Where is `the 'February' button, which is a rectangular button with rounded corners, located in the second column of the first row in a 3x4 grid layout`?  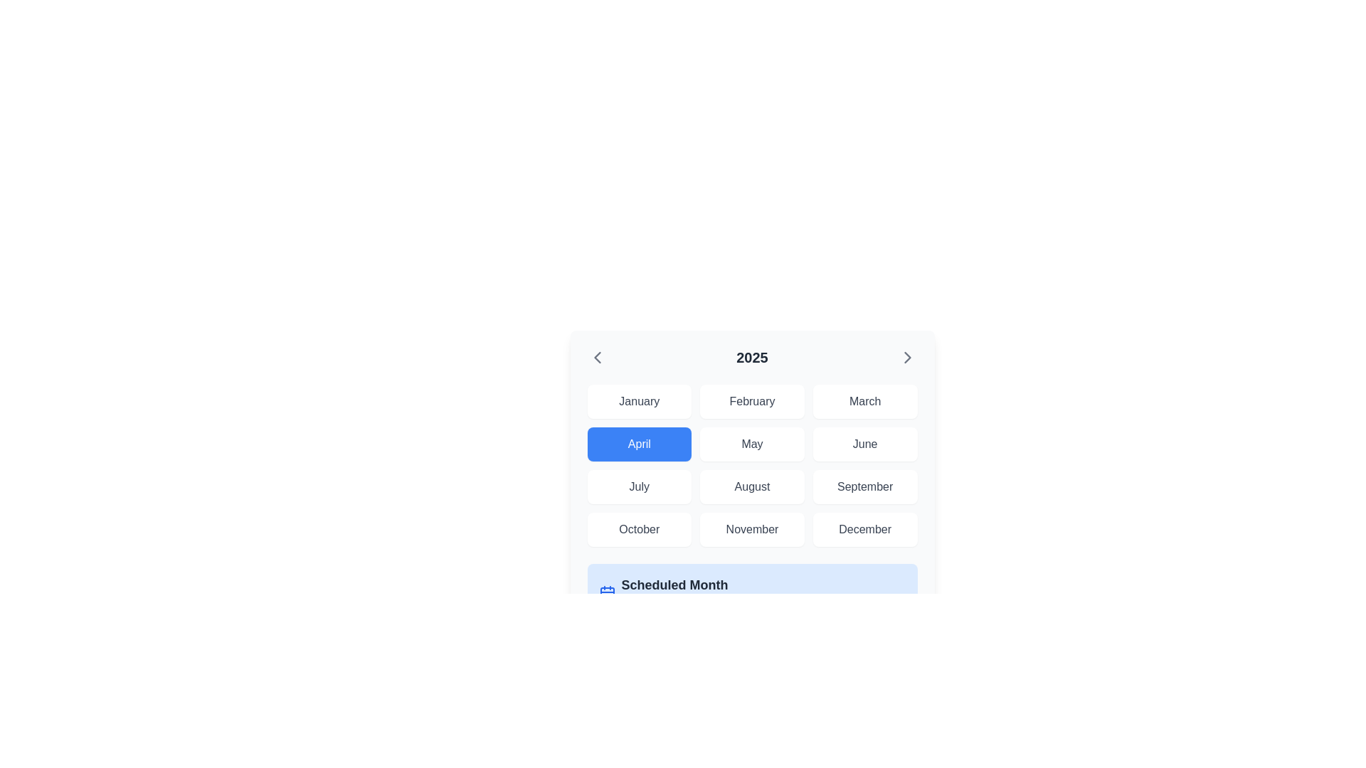
the 'February' button, which is a rectangular button with rounded corners, located in the second column of the first row in a 3x4 grid layout is located at coordinates (751, 401).